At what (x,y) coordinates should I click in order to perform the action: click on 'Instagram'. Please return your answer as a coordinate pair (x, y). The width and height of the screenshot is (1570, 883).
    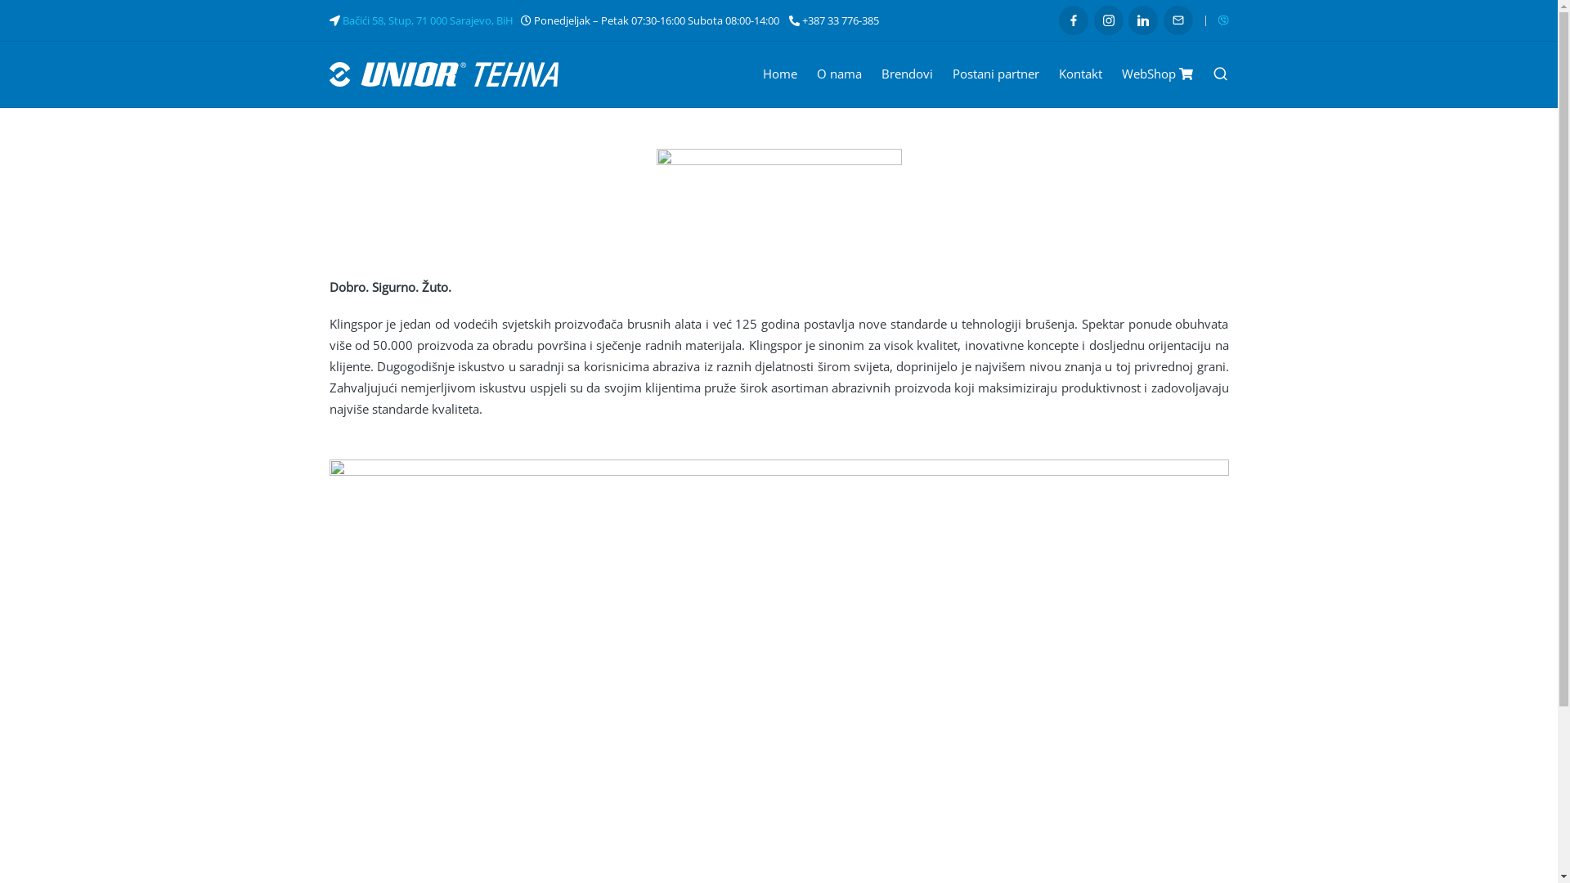
    Looking at the image, I should click on (1109, 20).